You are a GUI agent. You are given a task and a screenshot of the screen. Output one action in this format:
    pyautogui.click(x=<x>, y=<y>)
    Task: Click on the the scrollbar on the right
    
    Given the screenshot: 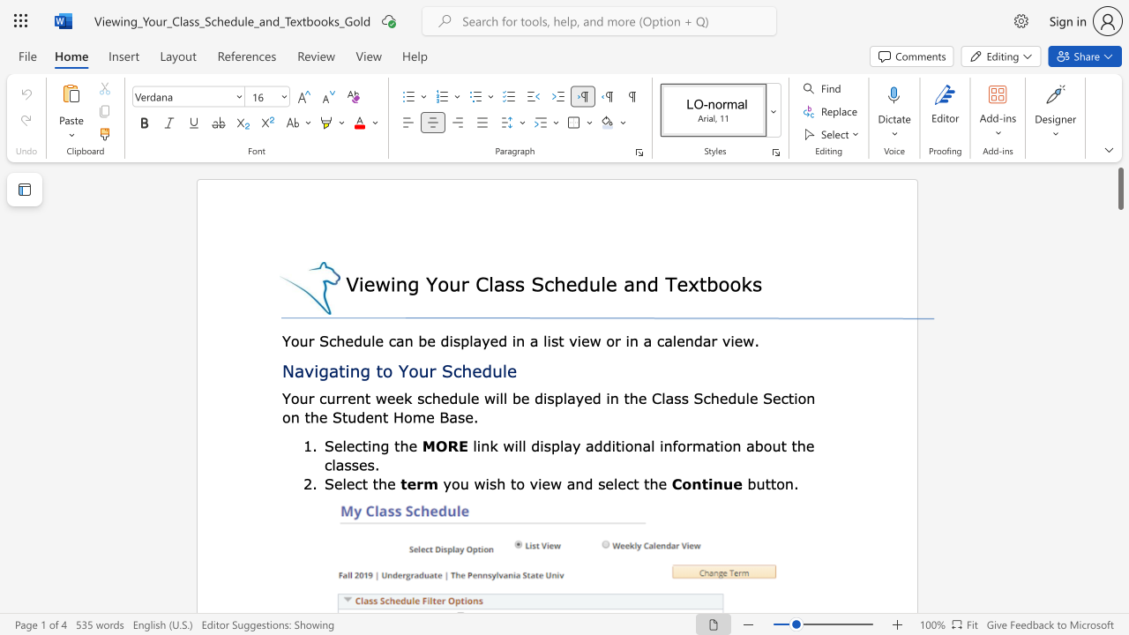 What is the action you would take?
    pyautogui.click(x=1119, y=476)
    